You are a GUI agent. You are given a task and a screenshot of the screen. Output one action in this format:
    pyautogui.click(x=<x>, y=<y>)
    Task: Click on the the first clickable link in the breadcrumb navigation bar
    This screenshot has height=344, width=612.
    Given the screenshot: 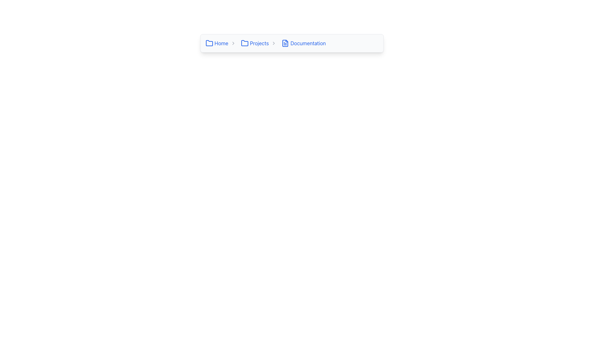 What is the action you would take?
    pyautogui.click(x=217, y=43)
    